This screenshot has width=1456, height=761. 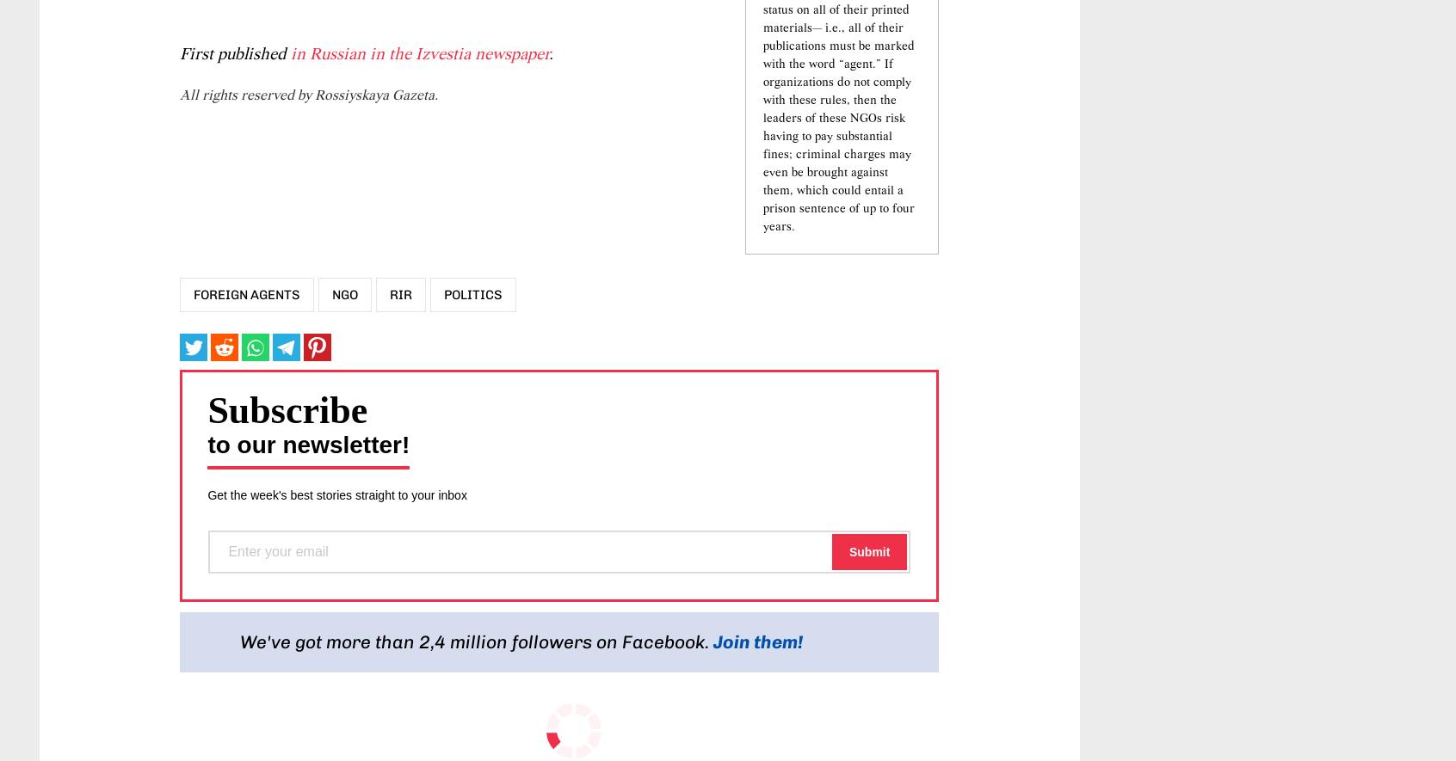 I want to click on 'Subscribe', so click(x=287, y=513).